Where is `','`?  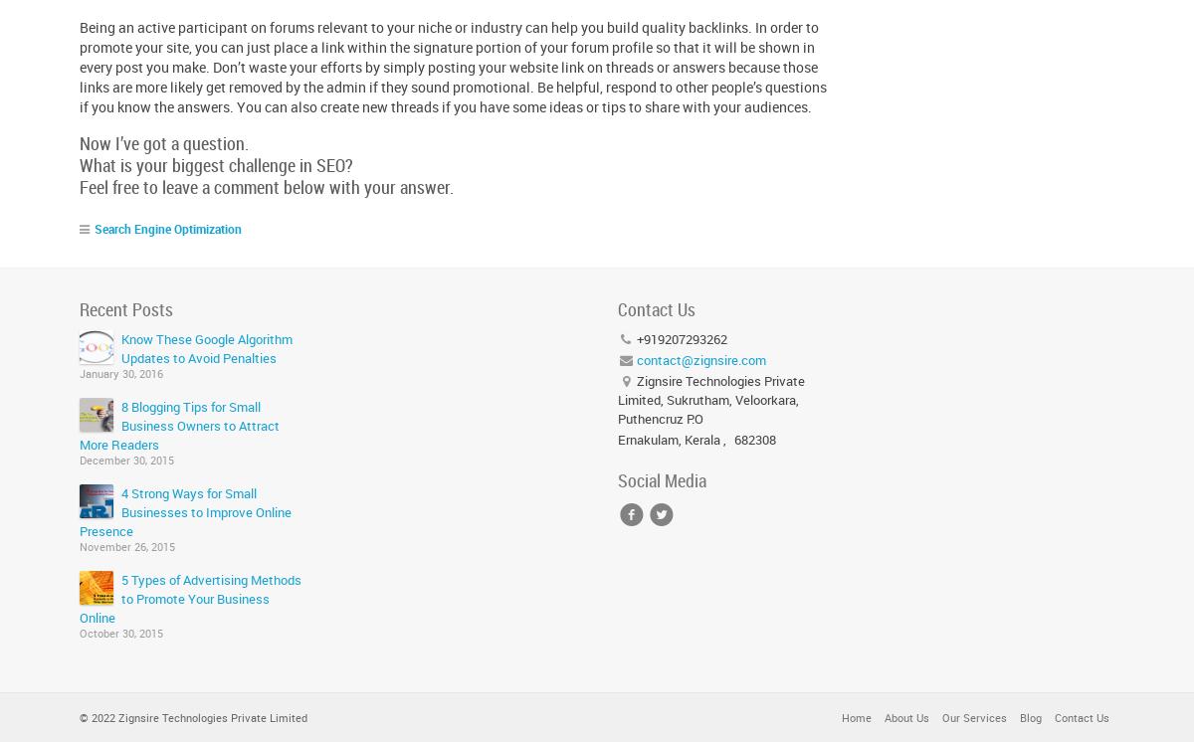 ',' is located at coordinates (723, 439).